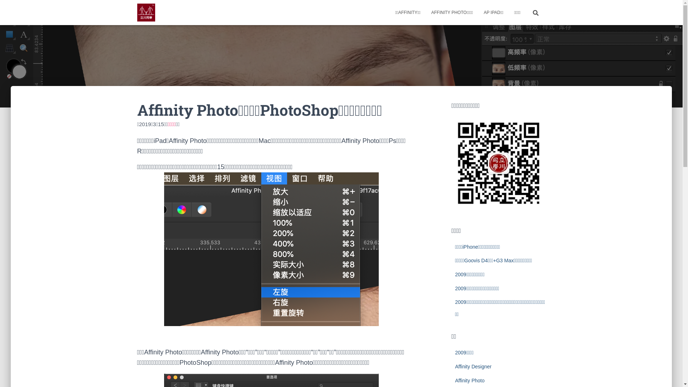 The height and width of the screenshot is (387, 688). Describe the element at coordinates (469, 380) in the screenshot. I see `'Affinity Photo'` at that location.